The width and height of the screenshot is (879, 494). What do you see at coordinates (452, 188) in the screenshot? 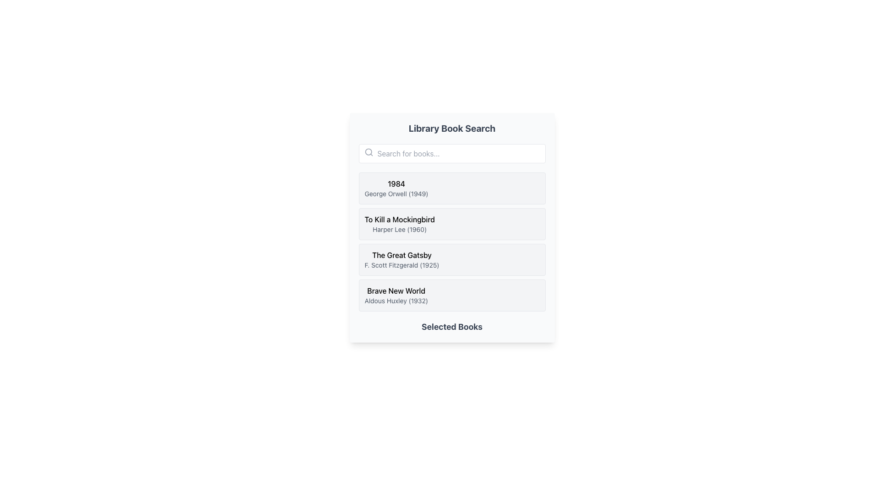
I see `the first list item representing the book '1984' by George Orwell` at bounding box center [452, 188].